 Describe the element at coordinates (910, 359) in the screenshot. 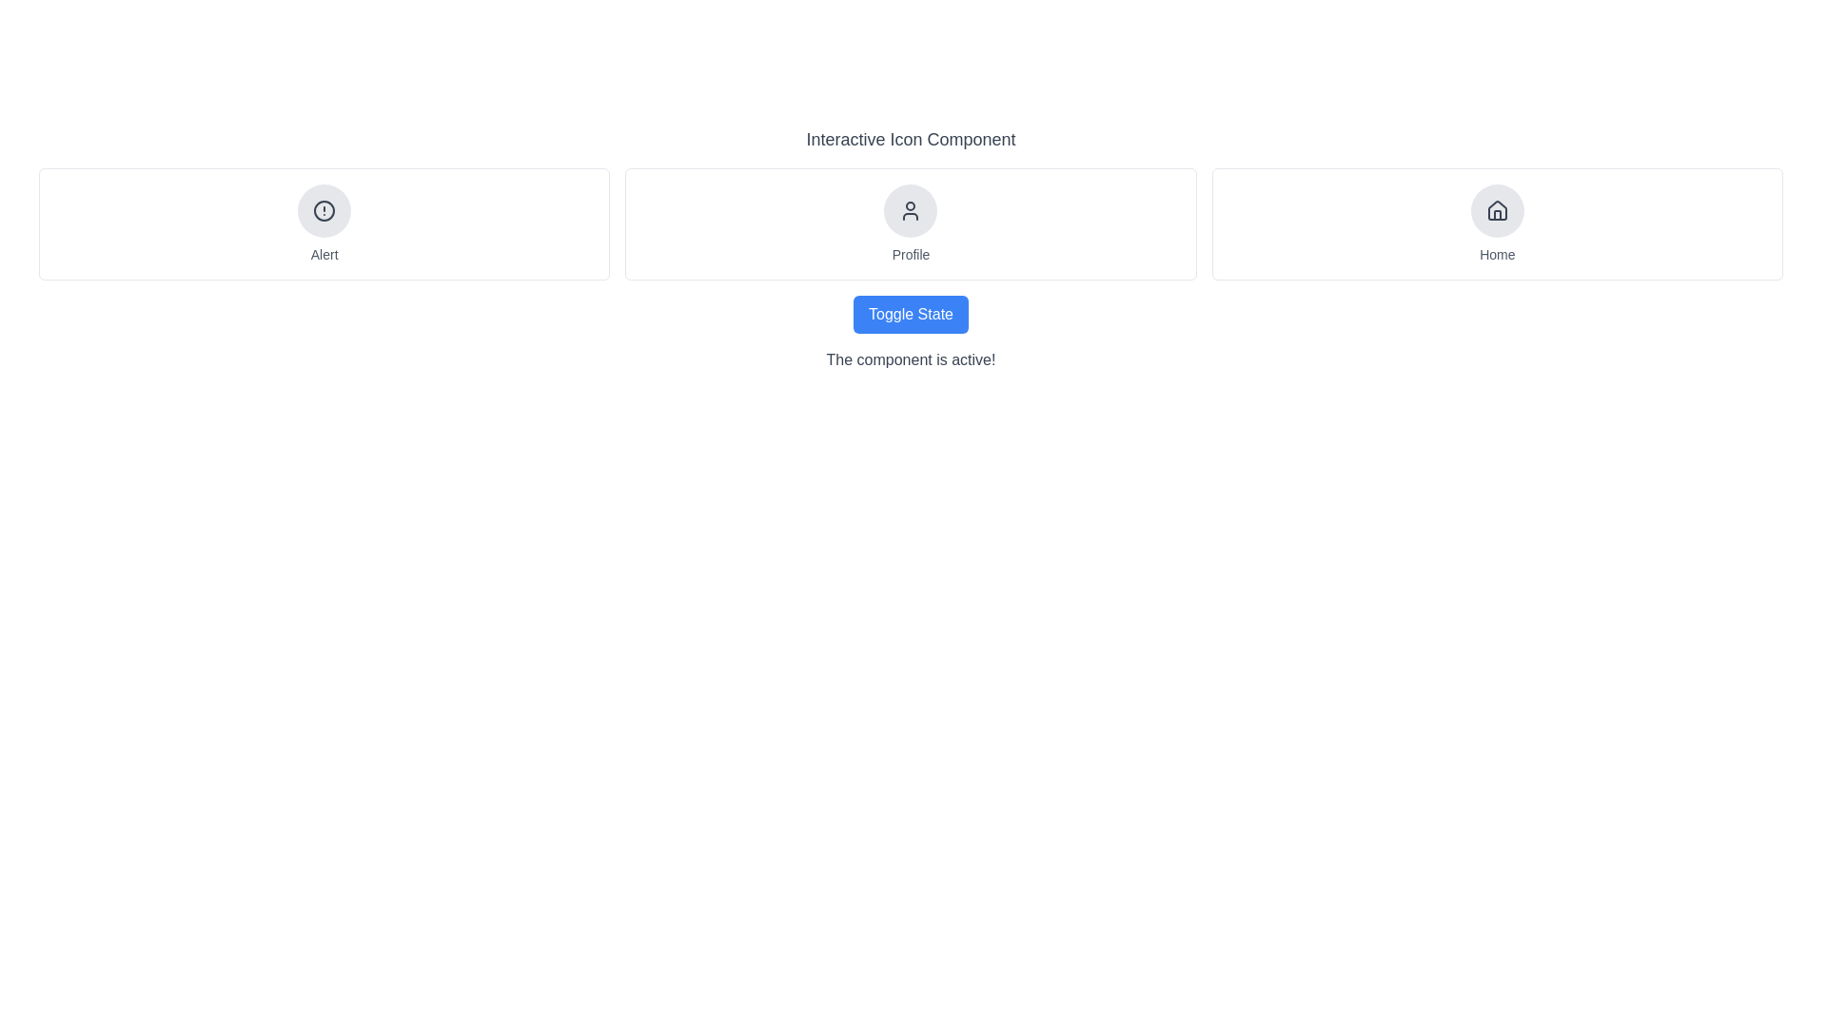

I see `the informational text label that indicates the active status of a component, located below the 'Toggle State' button` at that location.